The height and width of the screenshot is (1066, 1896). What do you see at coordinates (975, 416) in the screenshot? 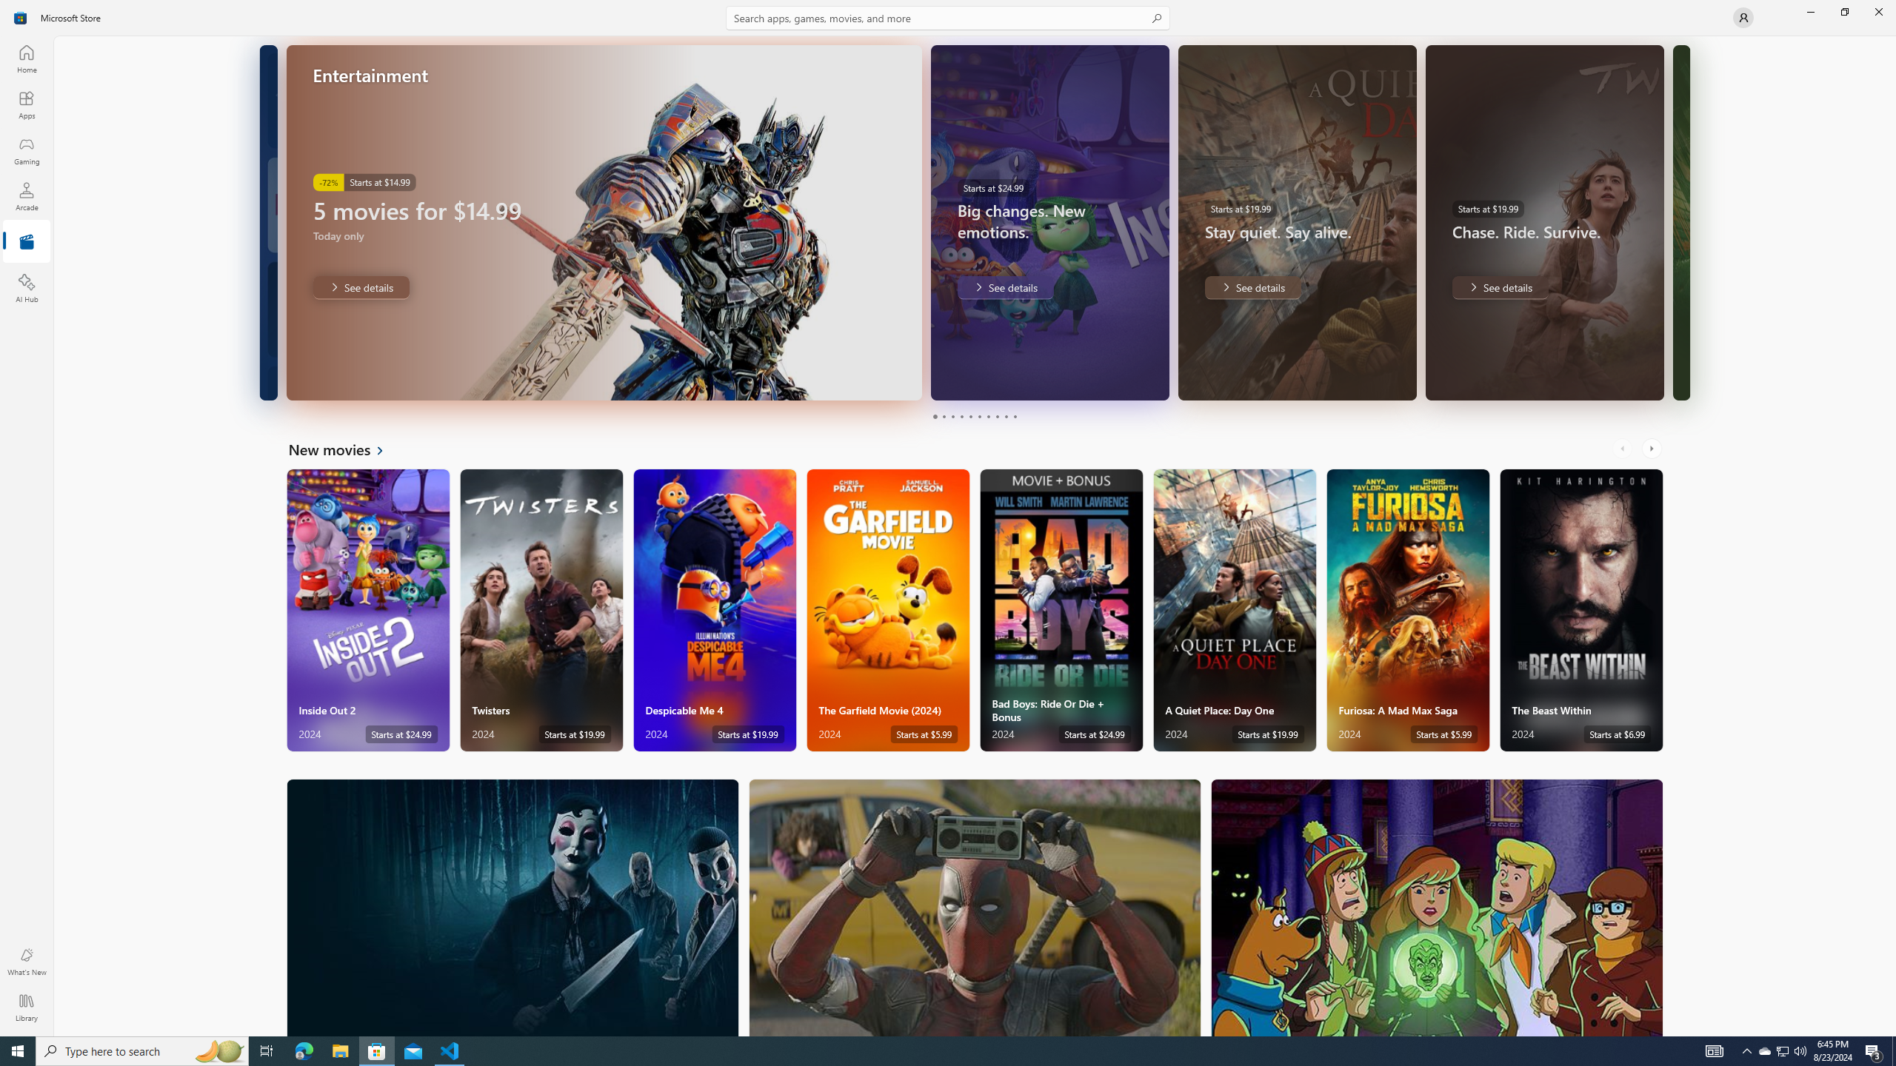
I see `'Pager'` at bounding box center [975, 416].